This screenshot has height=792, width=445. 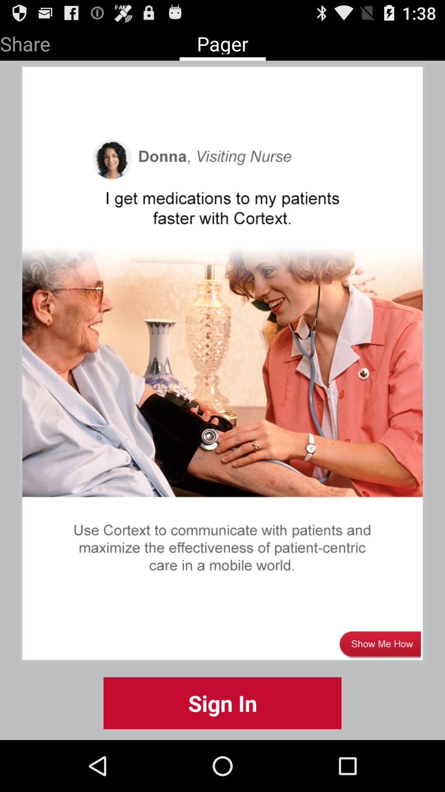 What do you see at coordinates (222, 702) in the screenshot?
I see `sign in at the bottom` at bounding box center [222, 702].